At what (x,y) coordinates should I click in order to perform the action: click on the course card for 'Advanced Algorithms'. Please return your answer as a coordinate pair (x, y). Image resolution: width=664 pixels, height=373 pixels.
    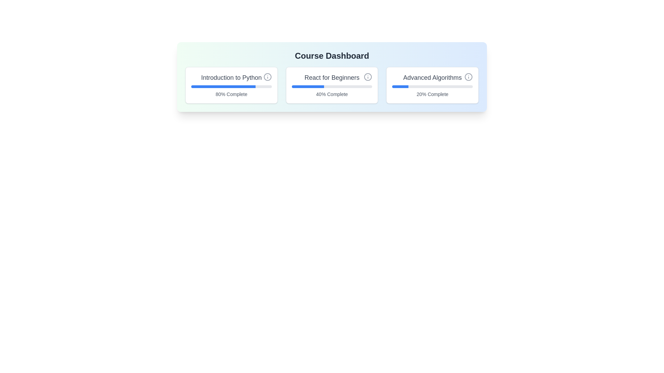
    Looking at the image, I should click on (432, 85).